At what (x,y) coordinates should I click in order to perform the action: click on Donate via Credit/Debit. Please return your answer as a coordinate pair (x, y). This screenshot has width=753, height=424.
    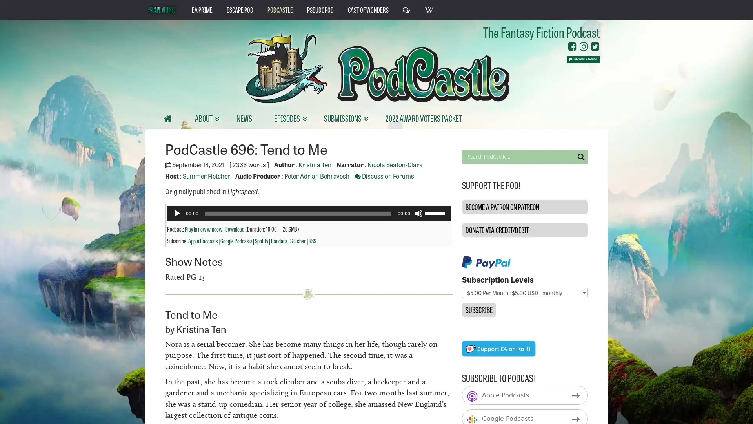
    Looking at the image, I should click on (524, 230).